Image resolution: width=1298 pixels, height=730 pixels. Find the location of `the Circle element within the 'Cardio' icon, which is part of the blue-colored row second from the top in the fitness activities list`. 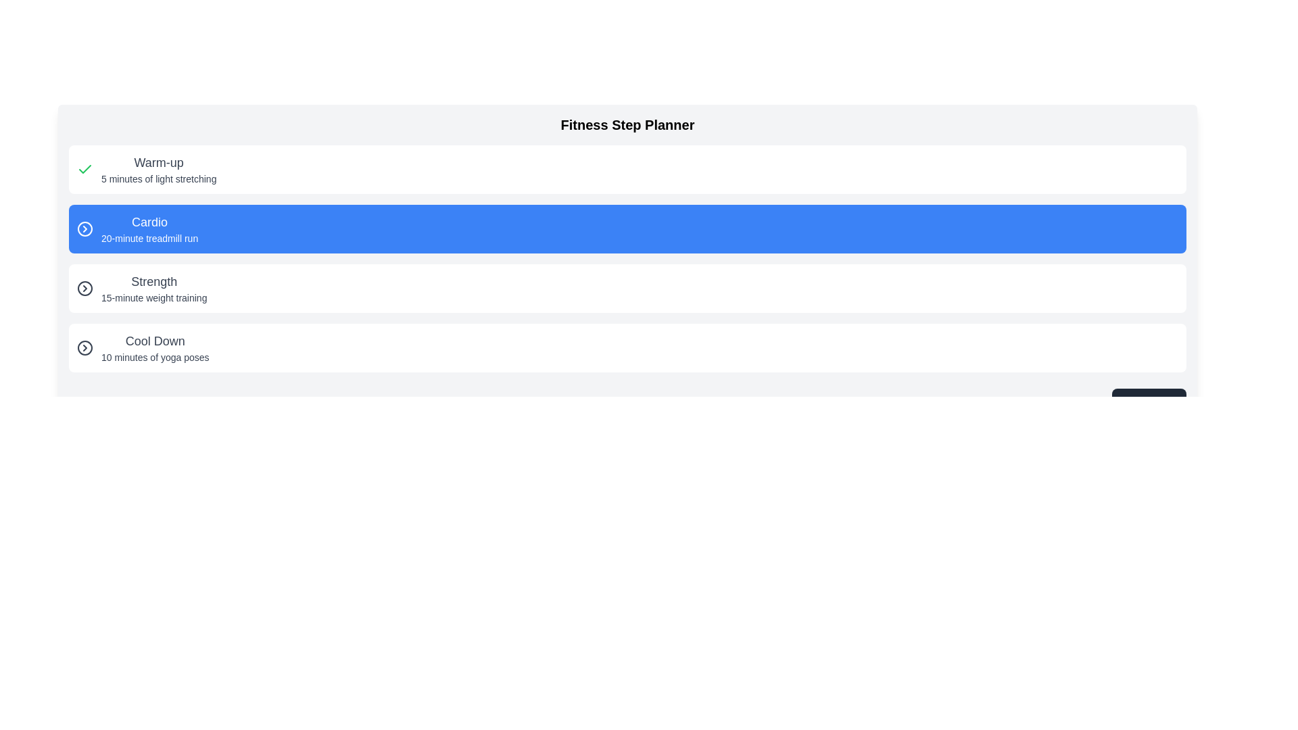

the Circle element within the 'Cardio' icon, which is part of the blue-colored row second from the top in the fitness activities list is located at coordinates (84, 228).